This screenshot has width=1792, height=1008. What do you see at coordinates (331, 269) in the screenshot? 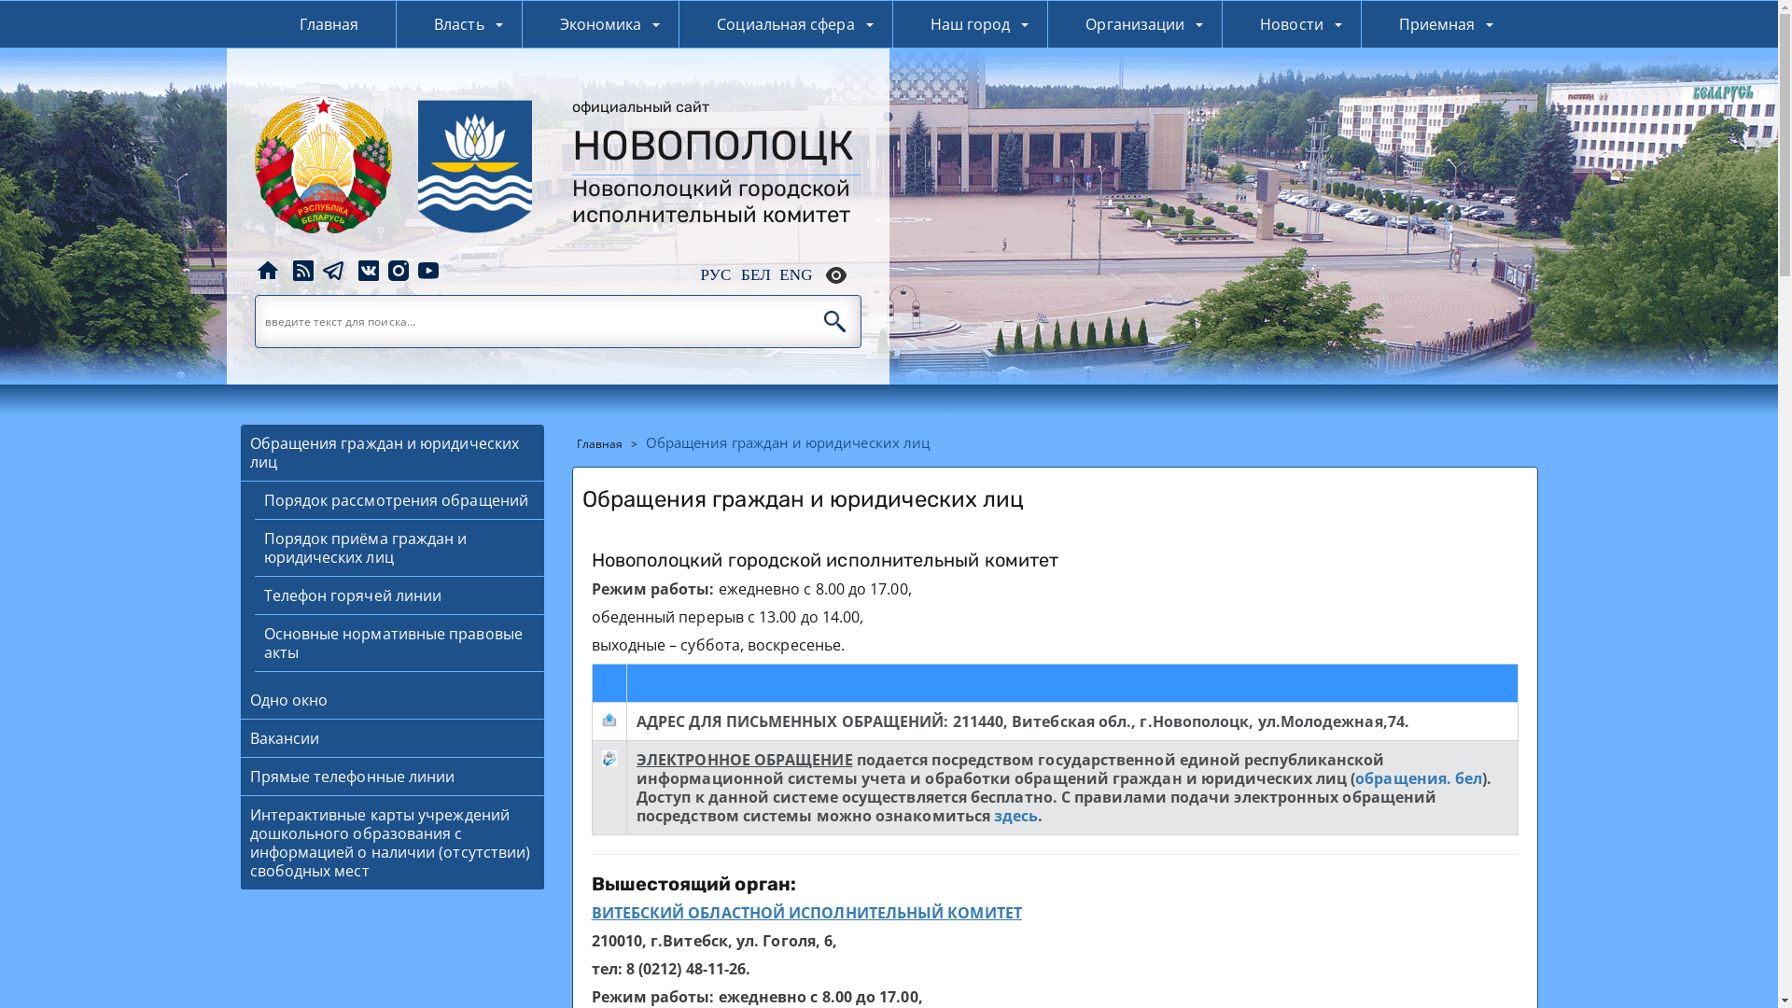
I see `'Telegram'` at bounding box center [331, 269].